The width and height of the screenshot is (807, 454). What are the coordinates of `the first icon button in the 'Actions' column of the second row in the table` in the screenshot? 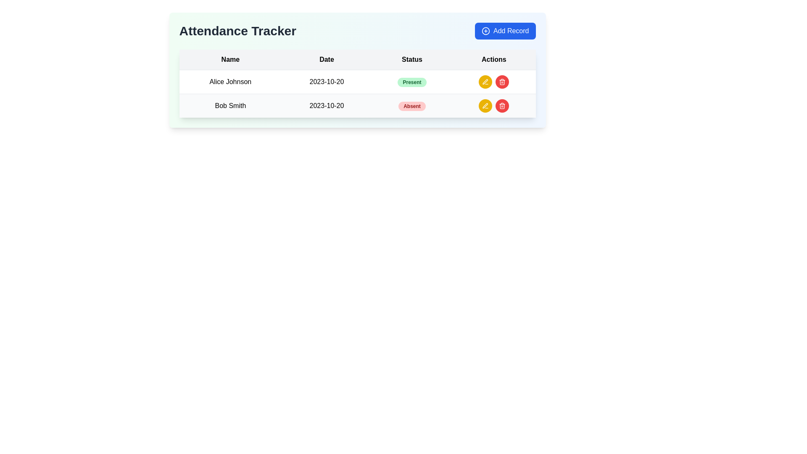 It's located at (485, 82).